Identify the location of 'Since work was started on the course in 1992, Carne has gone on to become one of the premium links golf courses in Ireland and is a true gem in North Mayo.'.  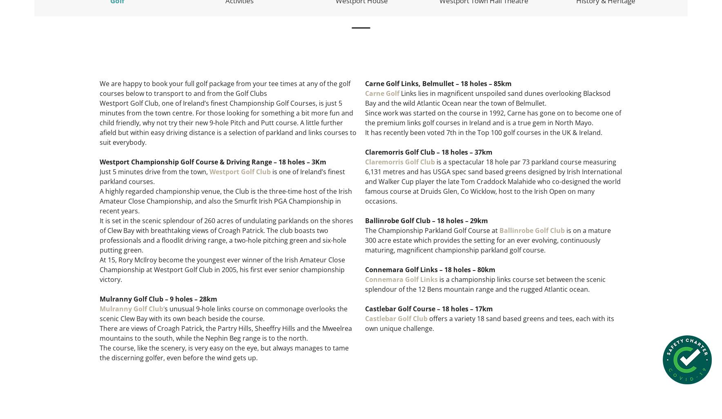
(493, 117).